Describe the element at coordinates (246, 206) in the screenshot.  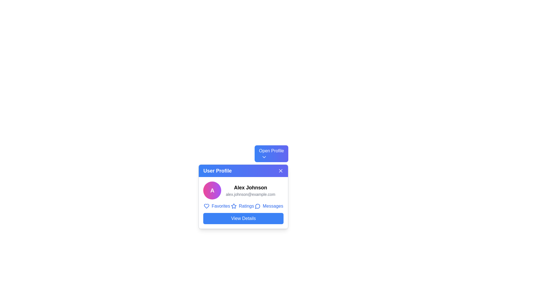
I see `the 'Ratings' text label, which is a medium-sized blue font element located in the footer of the 'User Profile' card, positioned between 'Favorites' and 'Messages'` at that location.